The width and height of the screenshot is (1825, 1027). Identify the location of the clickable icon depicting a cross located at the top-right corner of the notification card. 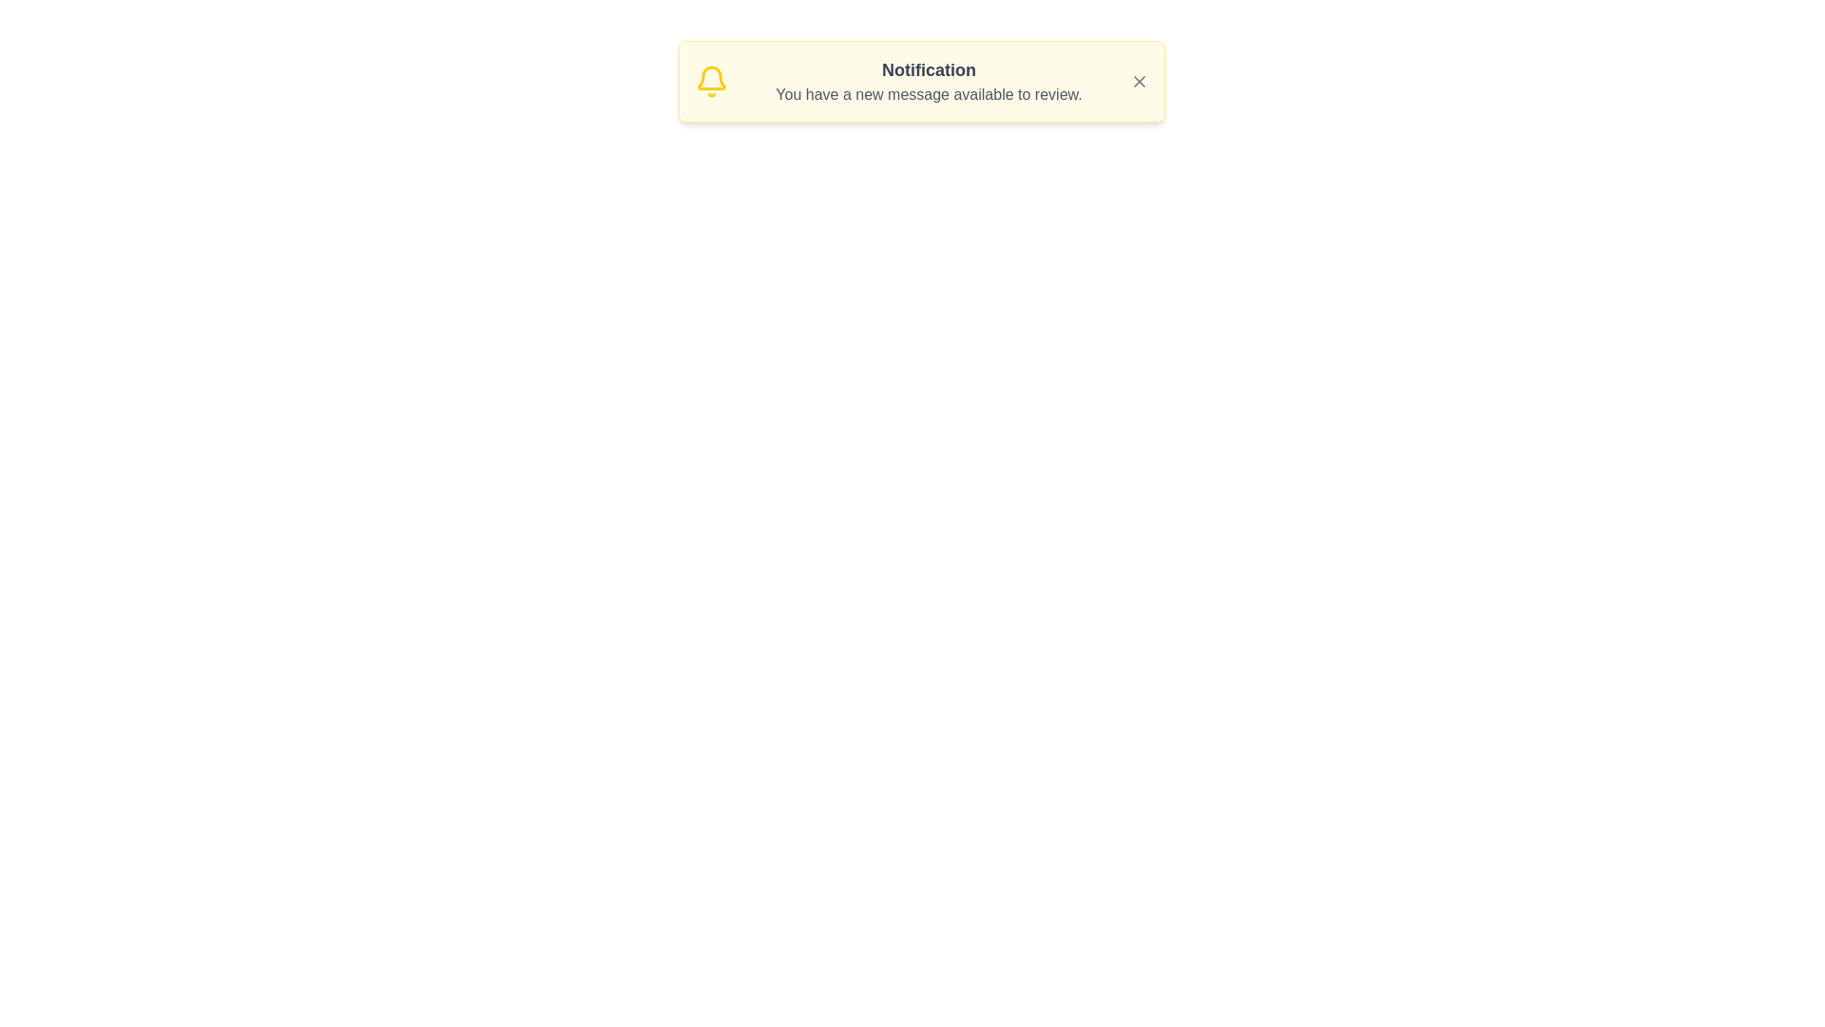
(1139, 80).